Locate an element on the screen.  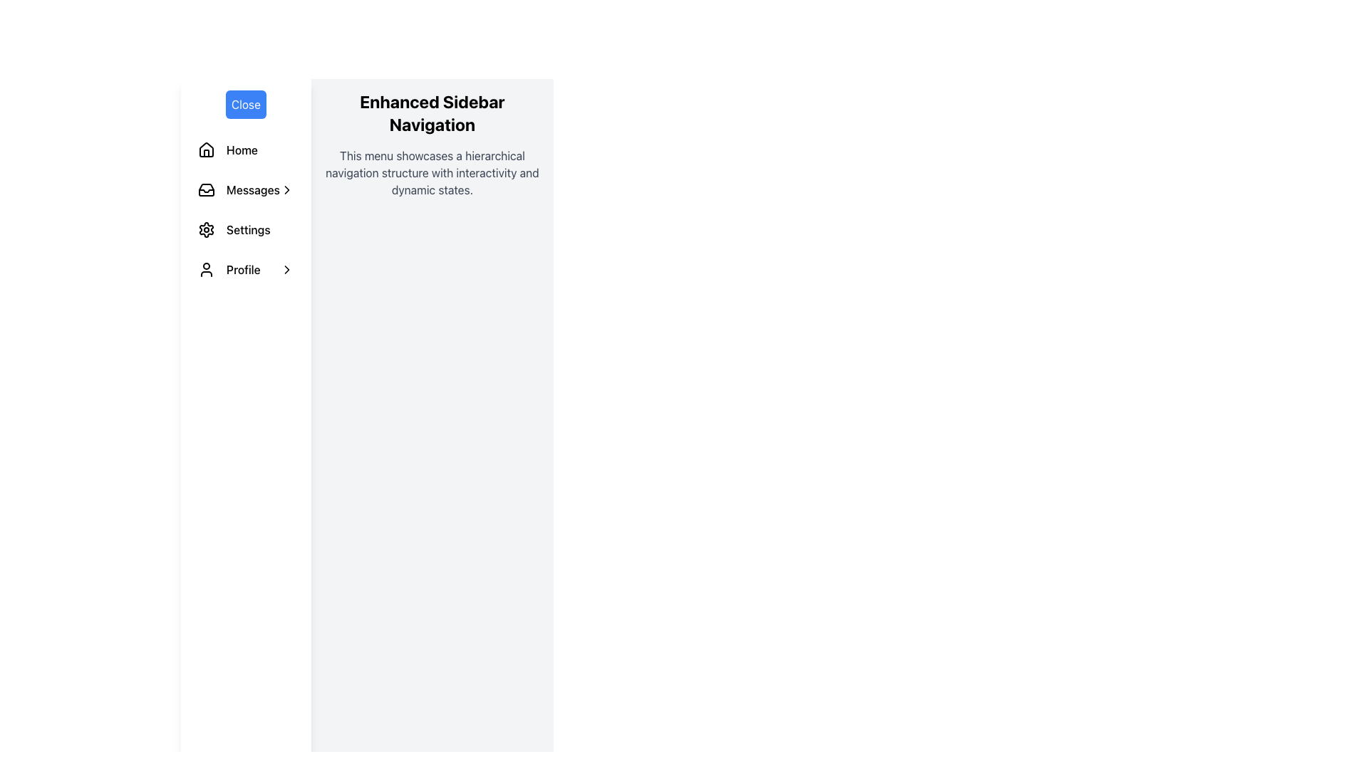
the 'Profile' Navigation Button, which is the fourth item in the vertical navigation menu is located at coordinates (246, 269).